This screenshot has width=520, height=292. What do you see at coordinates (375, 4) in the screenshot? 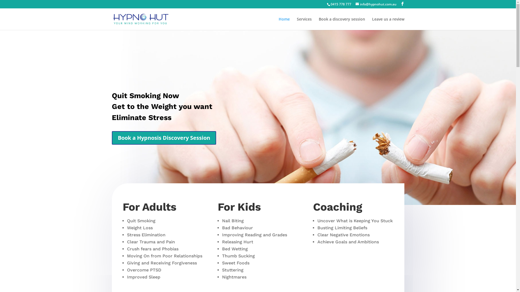
I see `'info@hypnohut.com.au'` at bounding box center [375, 4].